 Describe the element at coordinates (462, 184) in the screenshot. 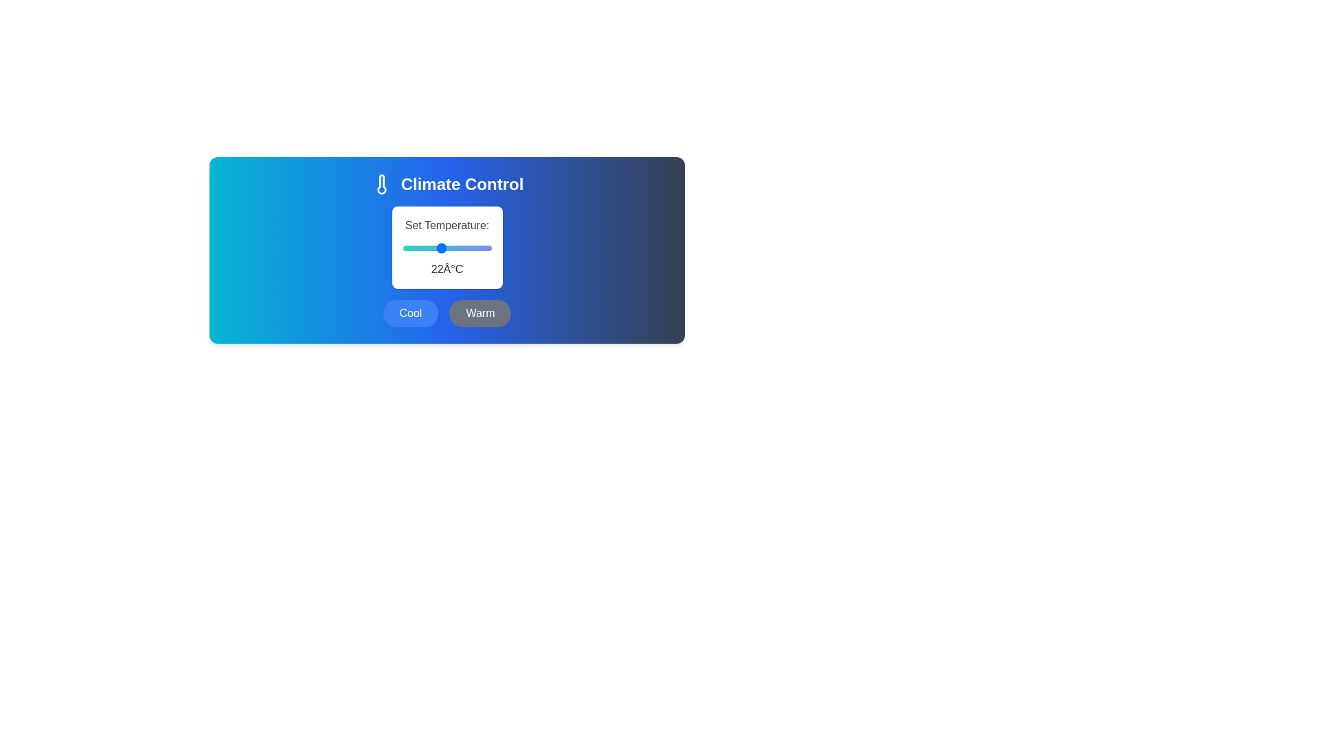

I see `the static text element that serves as a title or heading, located to the right of the thermometer icon at the top center of the panel` at that location.